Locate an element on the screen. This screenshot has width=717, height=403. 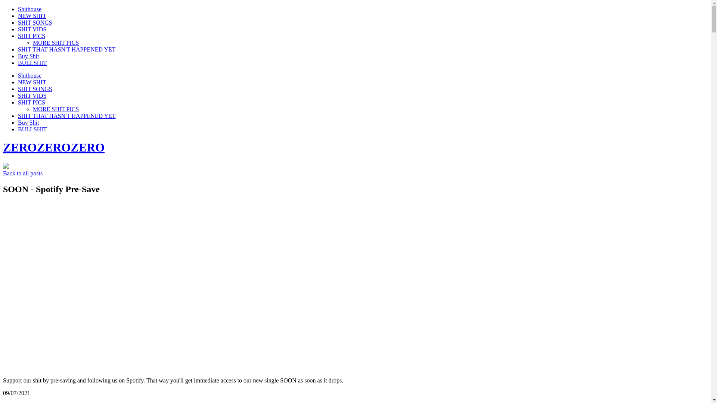
'BULLSHIT' is located at coordinates (18, 129).